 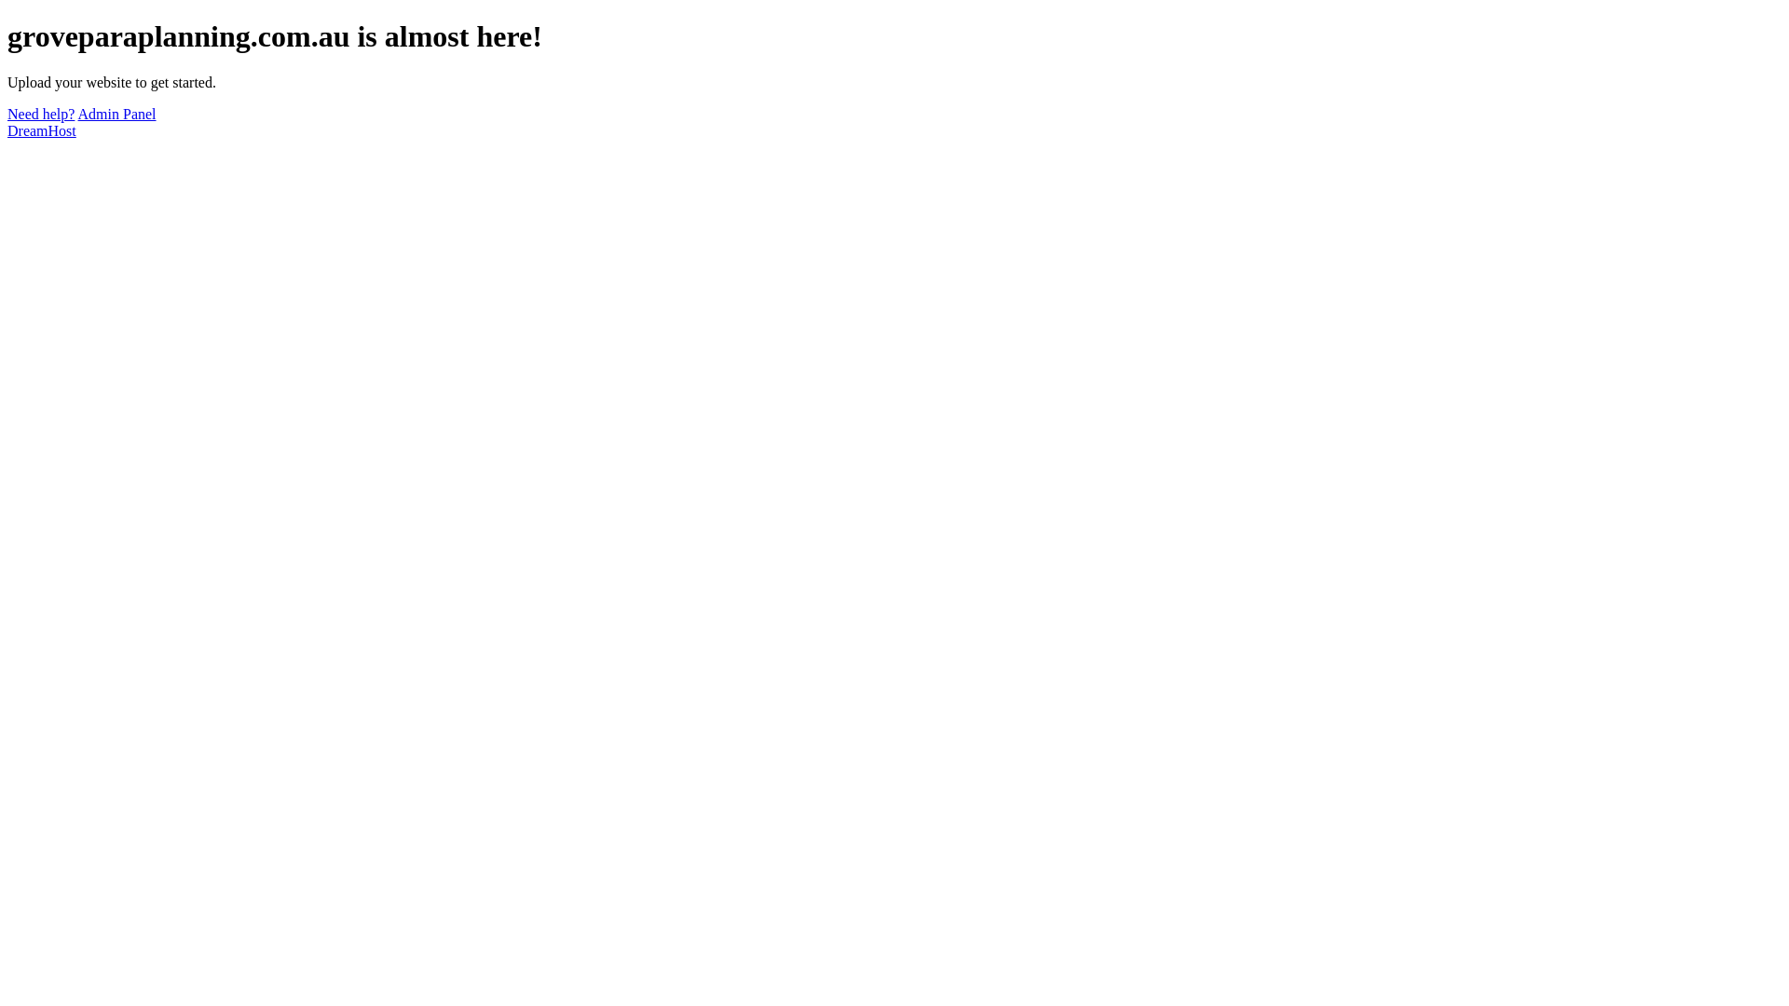 What do you see at coordinates (40, 114) in the screenshot?
I see `'Need help?'` at bounding box center [40, 114].